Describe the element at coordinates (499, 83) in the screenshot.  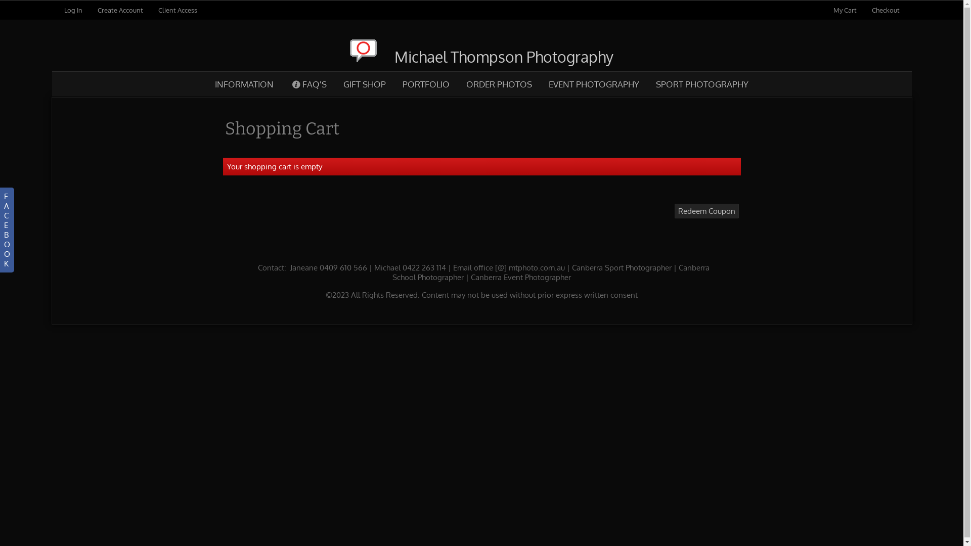
I see `'ORDER PHOTOS'` at that location.